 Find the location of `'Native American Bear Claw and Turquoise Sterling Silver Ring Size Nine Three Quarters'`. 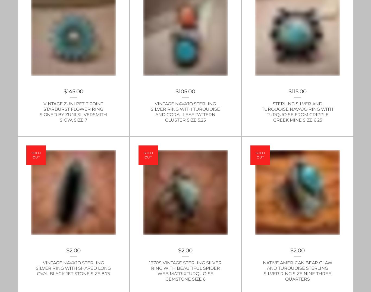

'Native American Bear Claw and Turquoise Sterling Silver Ring Size Nine Three Quarters' is located at coordinates (297, 271).